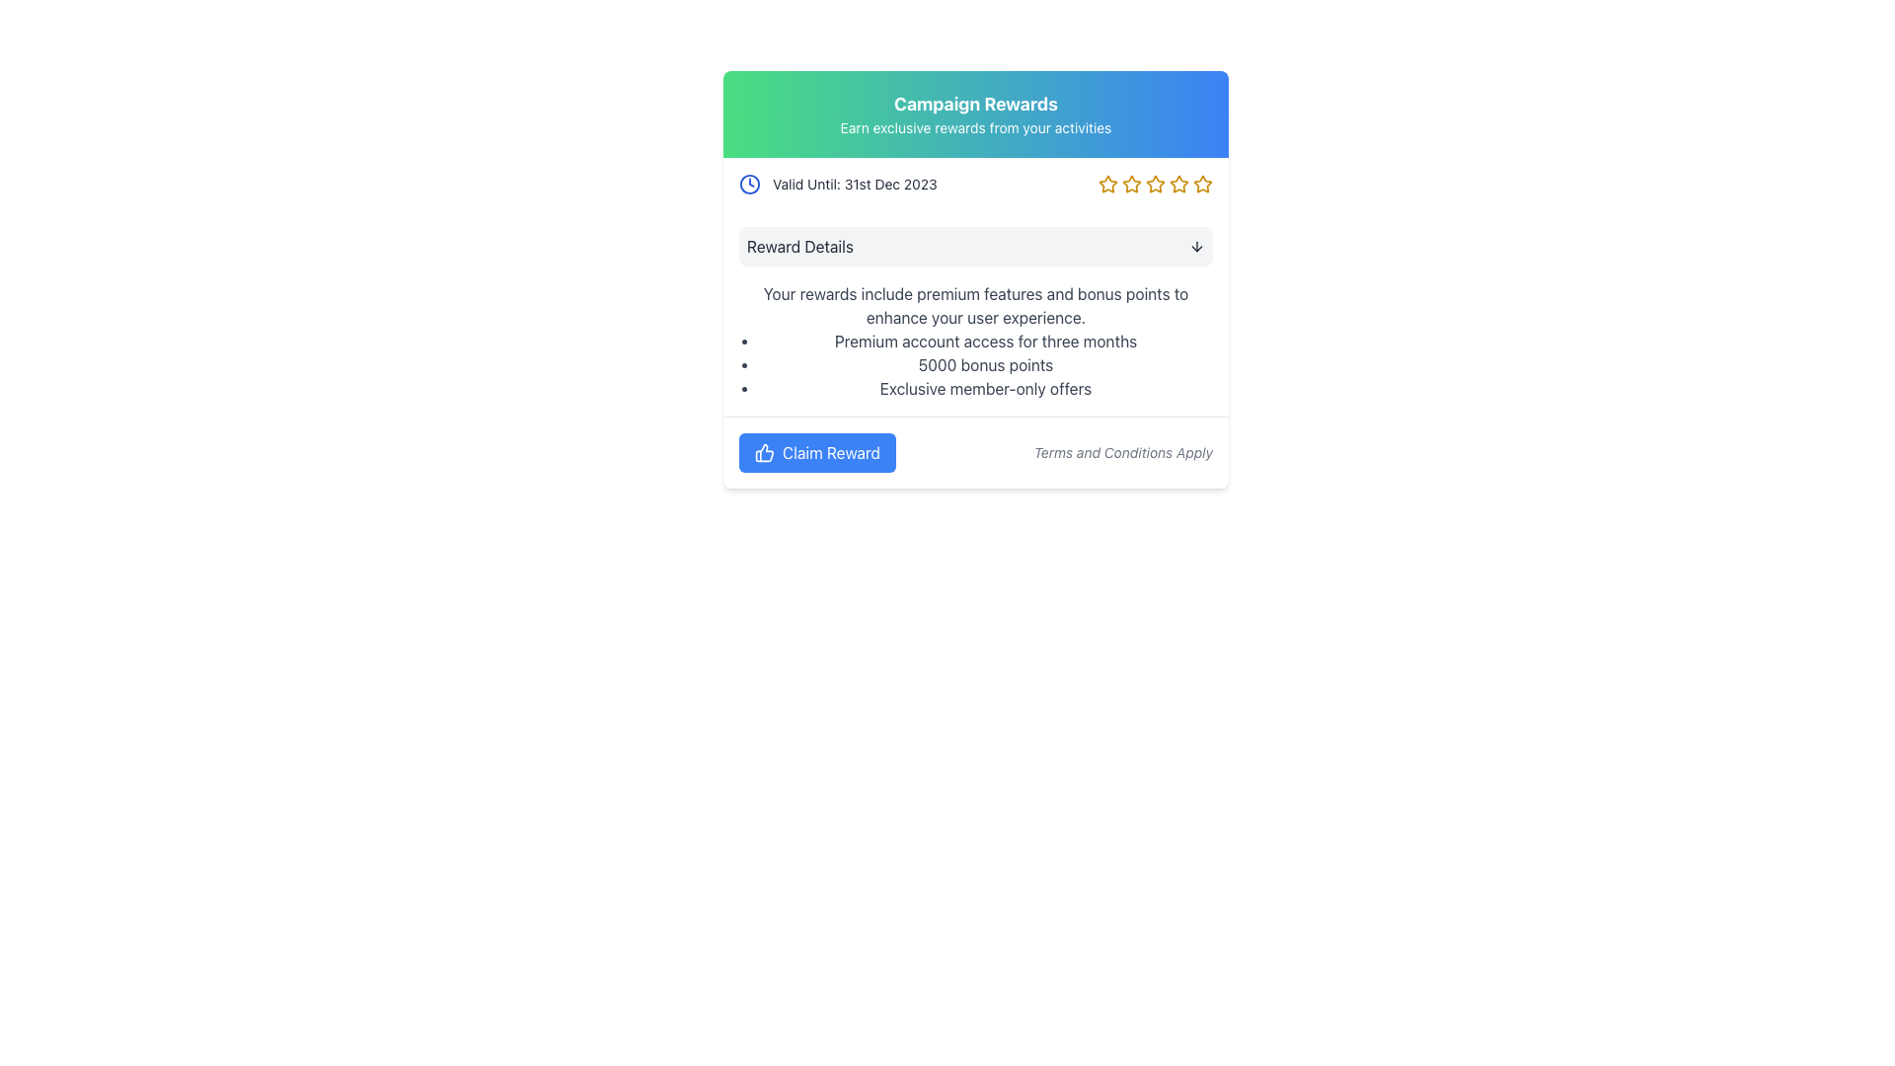 The height and width of the screenshot is (1066, 1895). Describe the element at coordinates (831, 453) in the screenshot. I see `text label that informs the user of the functionality of claiming a reward, located inside the blue button labeled 'Claim Reward'` at that location.